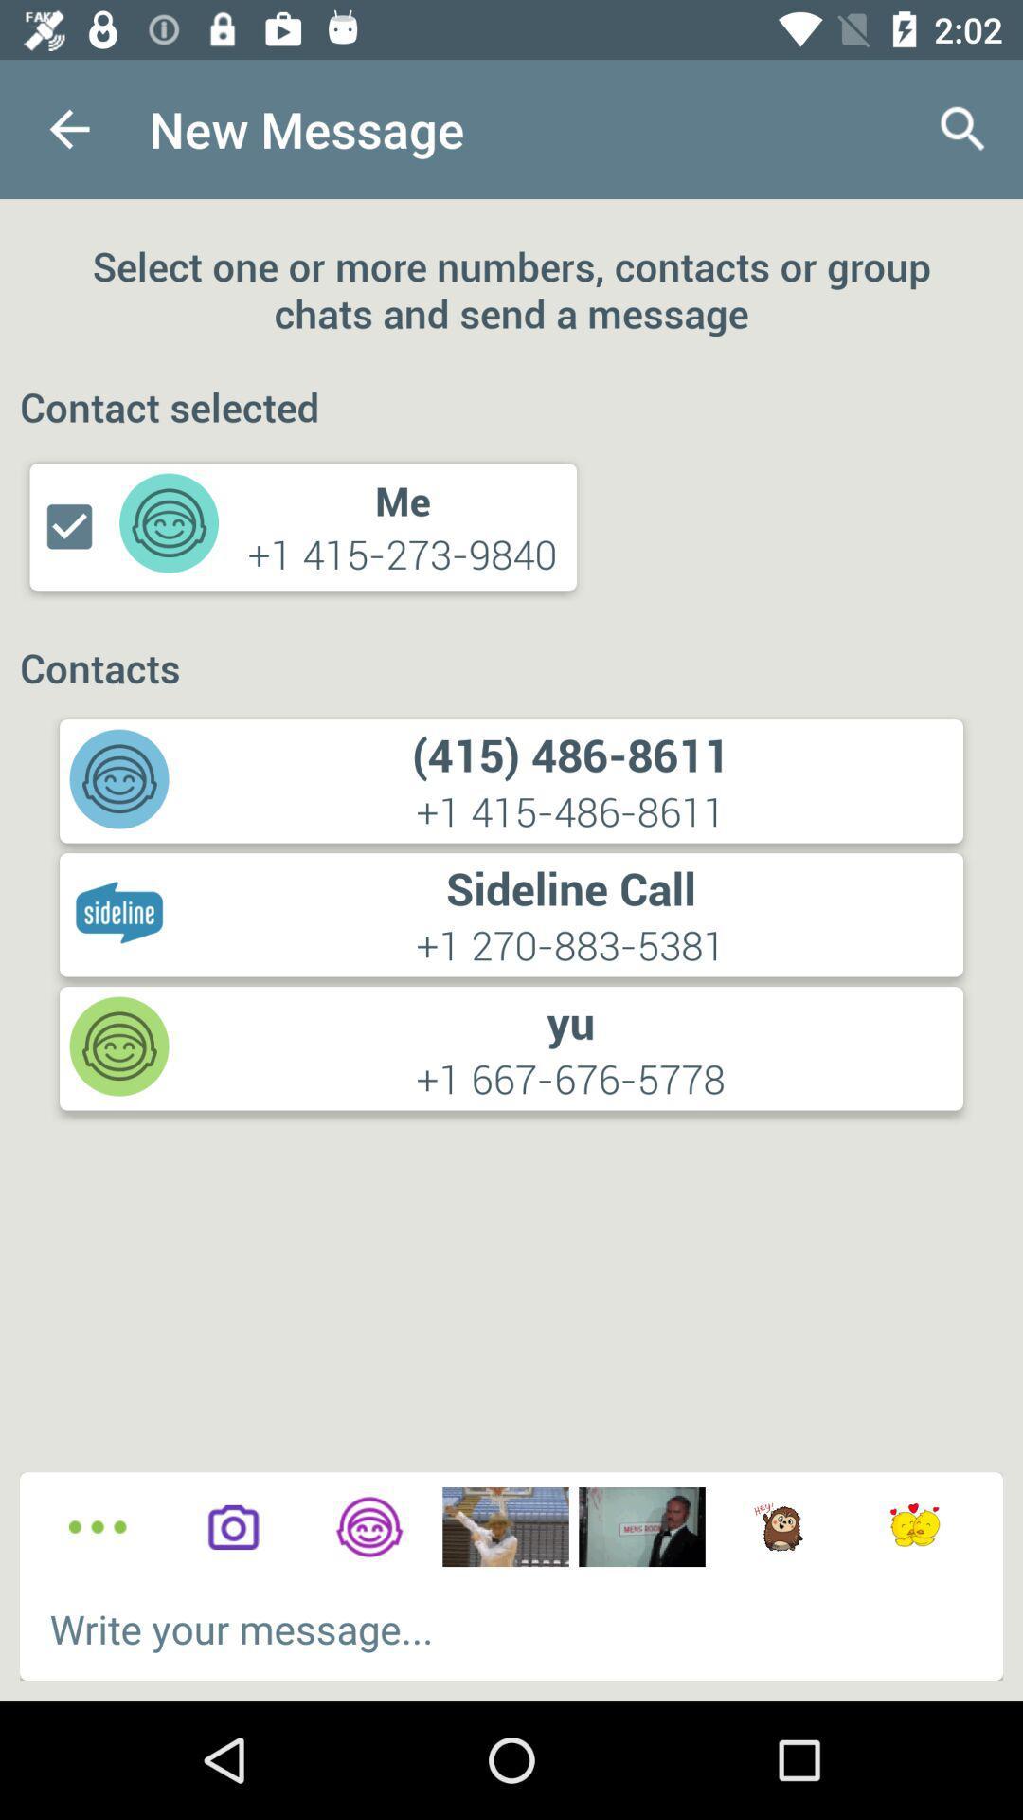  I want to click on other options, so click(98, 1527).